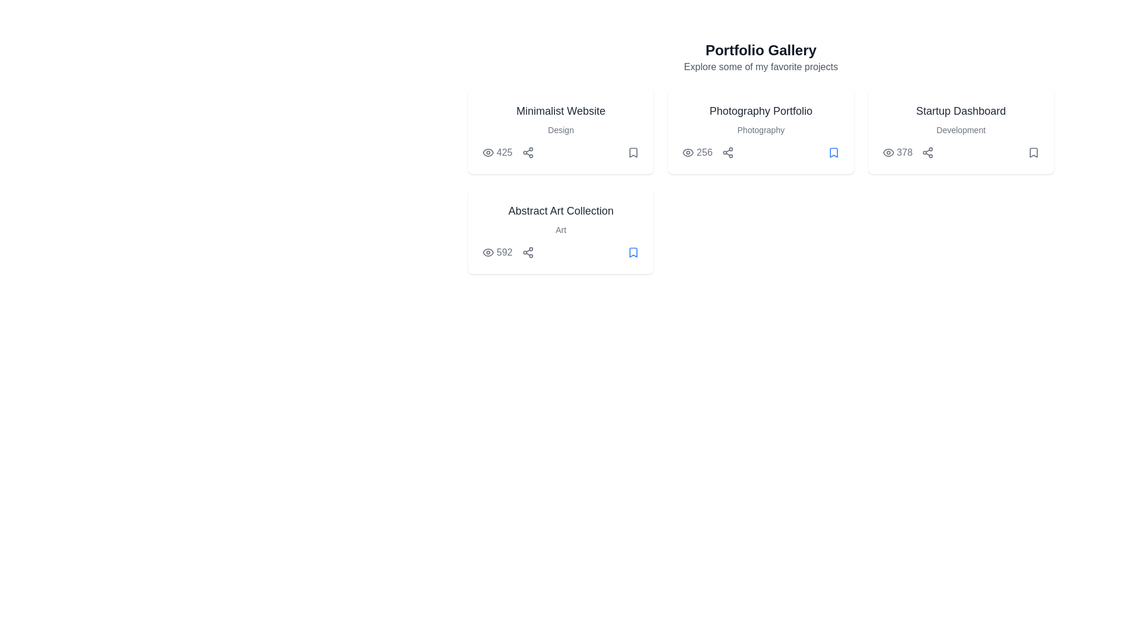 Image resolution: width=1142 pixels, height=642 pixels. I want to click on the Text Label that indicates the category of the project in the first card of the Portfolio Gallery, positioned below the heading 'Minimalist Website', so click(560, 130).